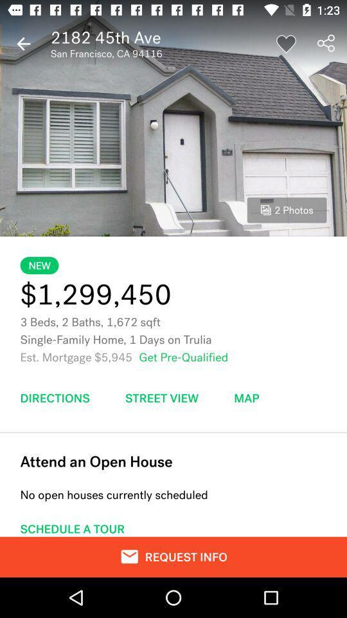  What do you see at coordinates (286, 44) in the screenshot?
I see `heart symbol on the top right of the web page` at bounding box center [286, 44].